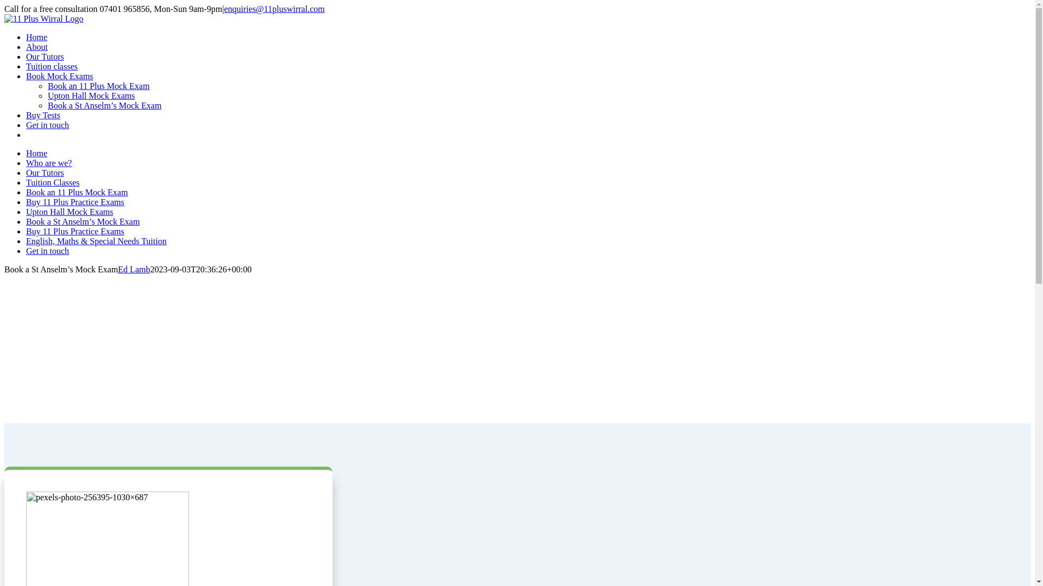  Describe the element at coordinates (133, 269) in the screenshot. I see `'Ed Lamb'` at that location.